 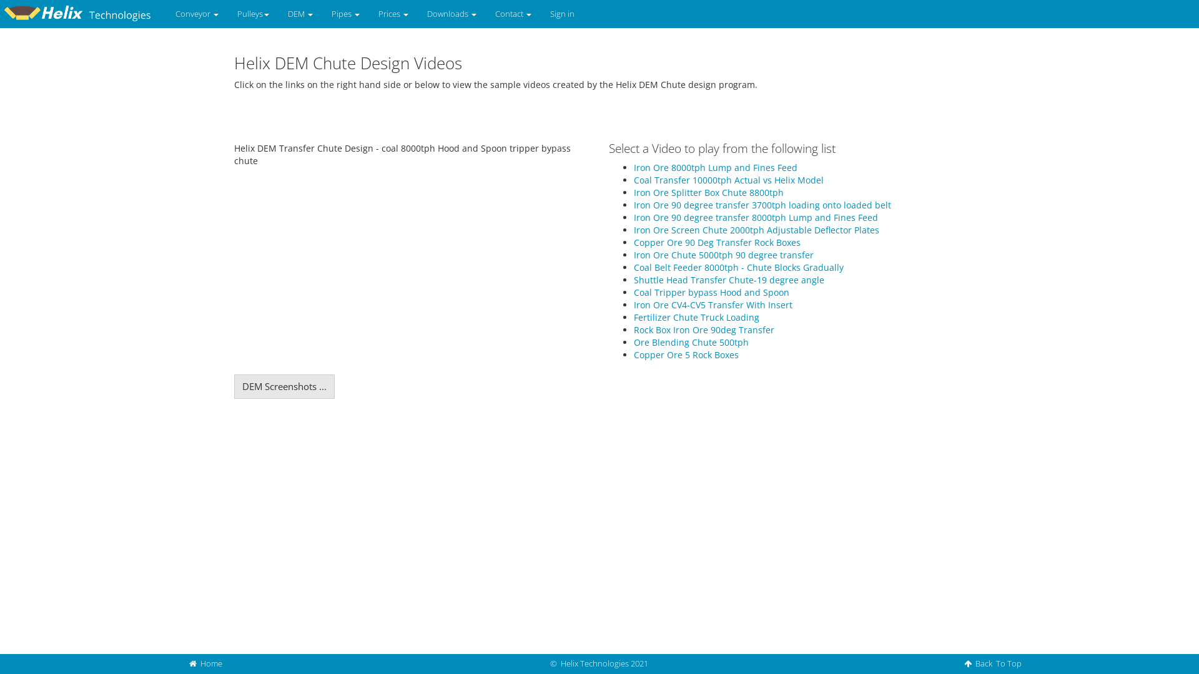 I want to click on '  Home', so click(x=205, y=663).